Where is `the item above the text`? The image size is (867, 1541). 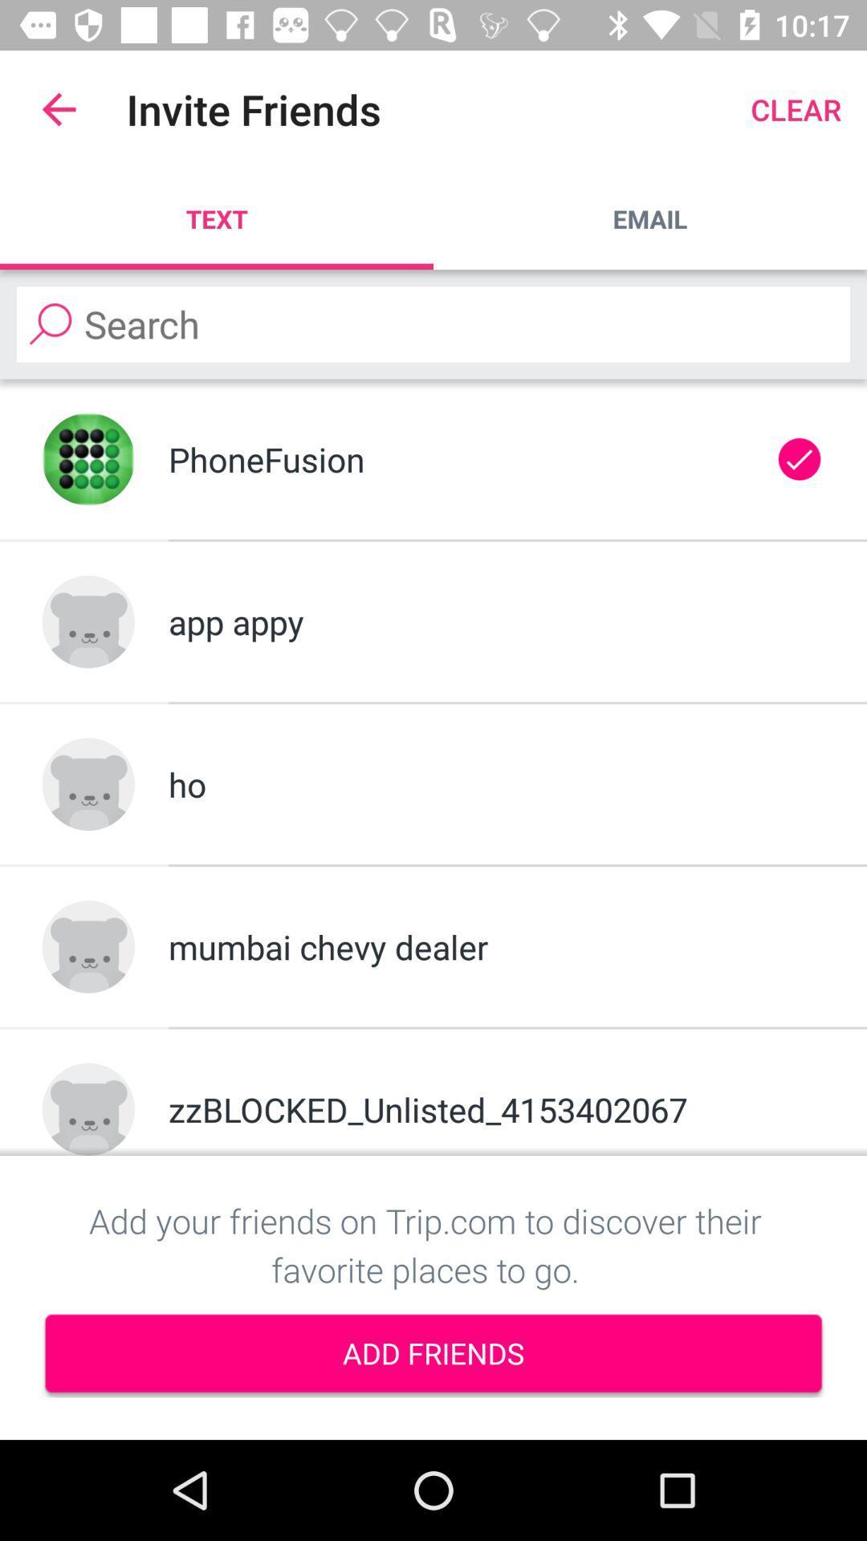 the item above the text is located at coordinates (58, 108).